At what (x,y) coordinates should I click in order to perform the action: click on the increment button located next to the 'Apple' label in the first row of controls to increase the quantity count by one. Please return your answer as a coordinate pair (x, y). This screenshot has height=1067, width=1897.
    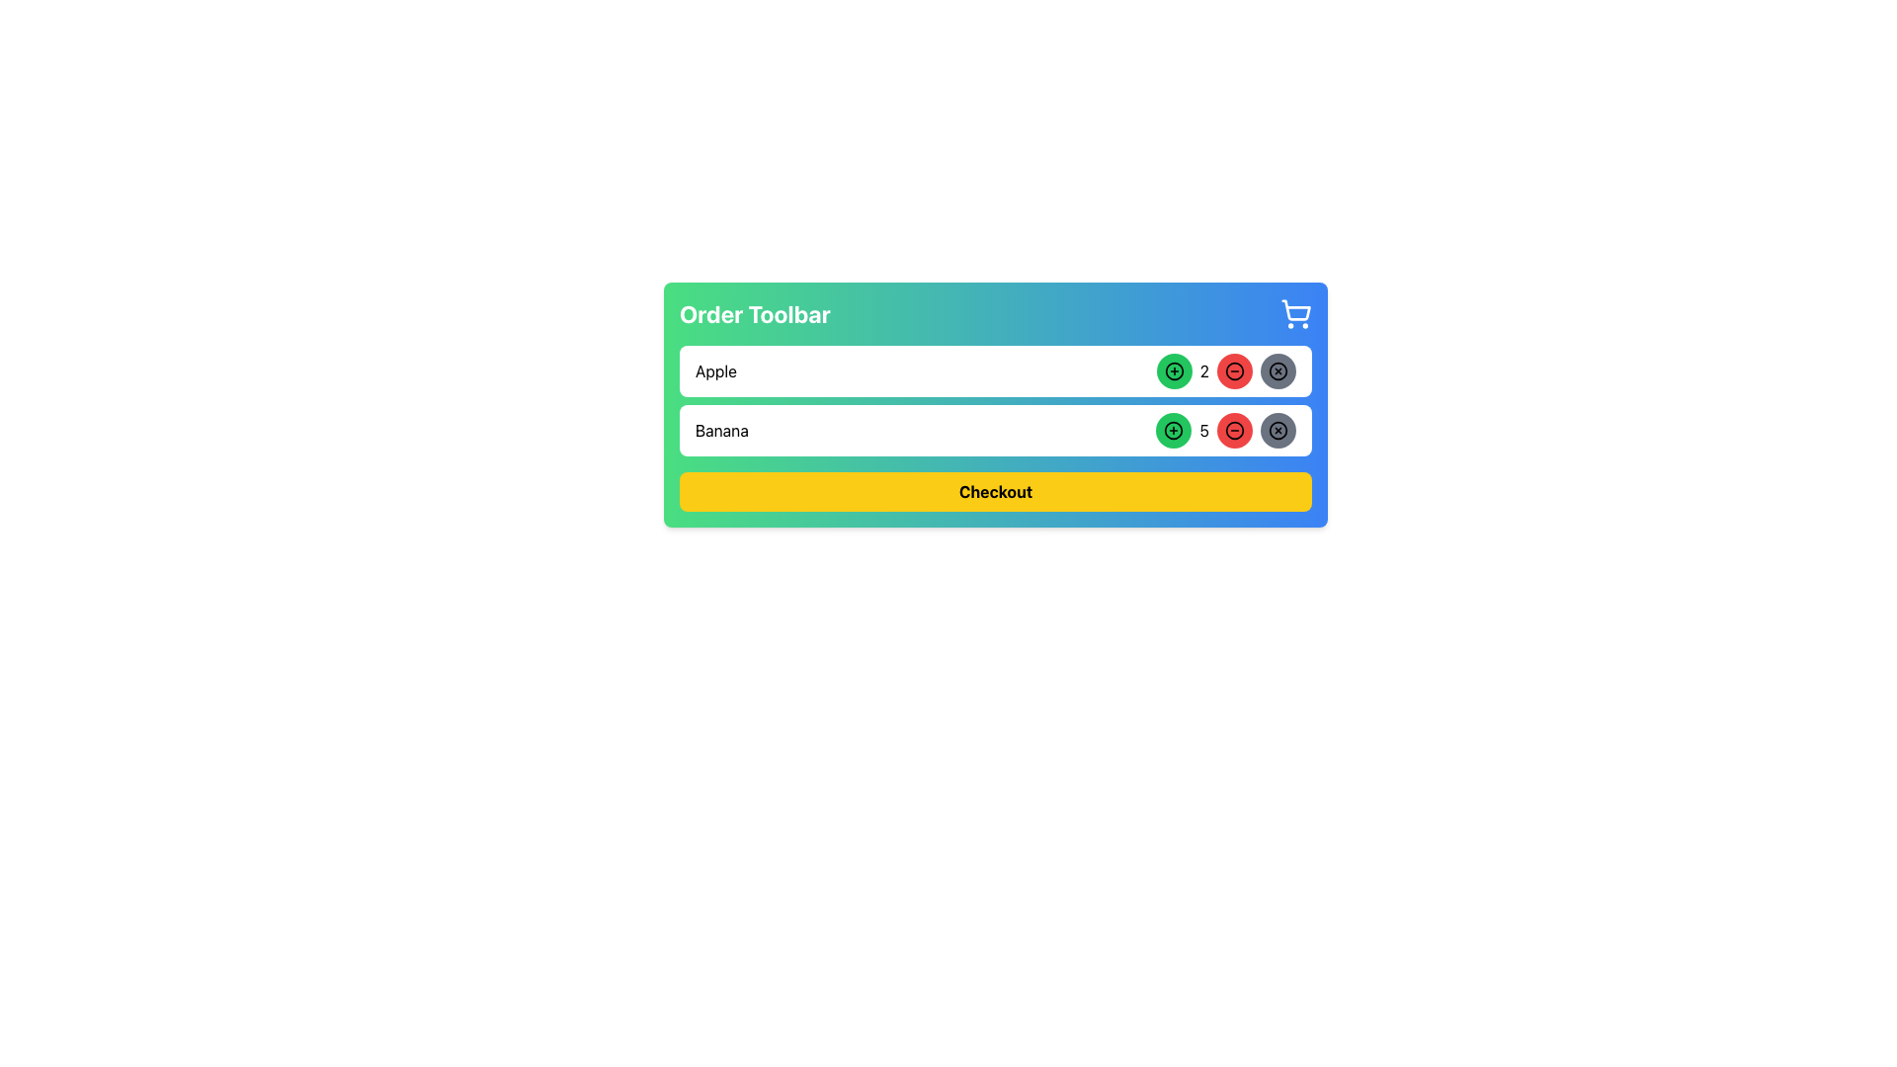
    Looking at the image, I should click on (1174, 370).